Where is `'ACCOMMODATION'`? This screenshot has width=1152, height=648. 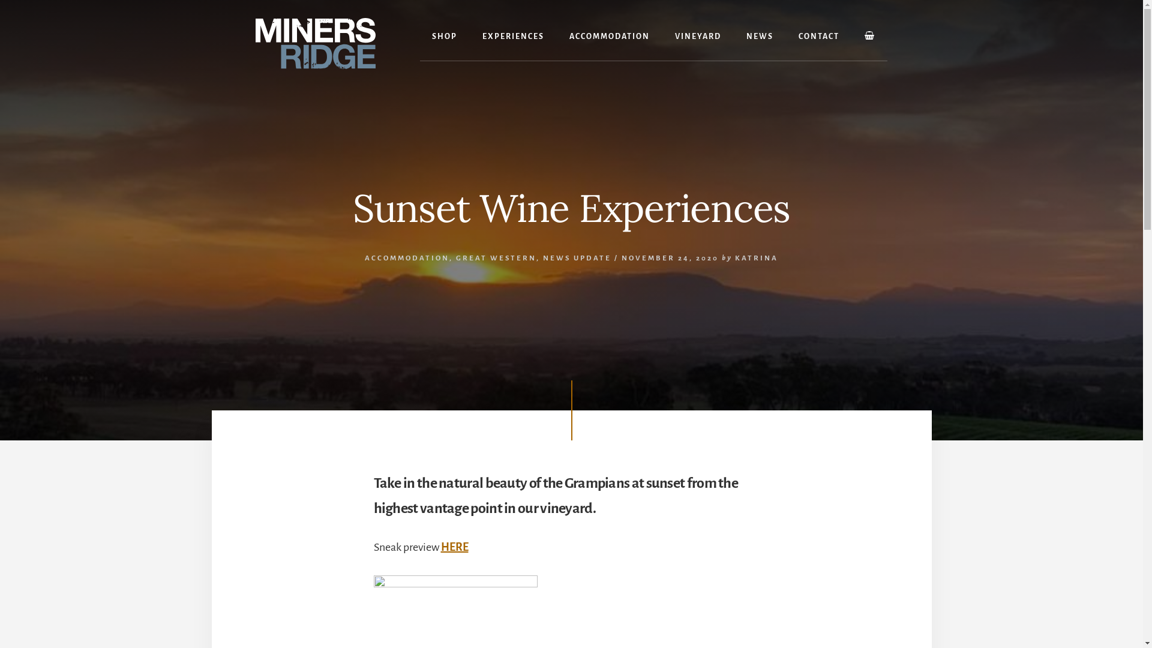 'ACCOMMODATION' is located at coordinates (407, 257).